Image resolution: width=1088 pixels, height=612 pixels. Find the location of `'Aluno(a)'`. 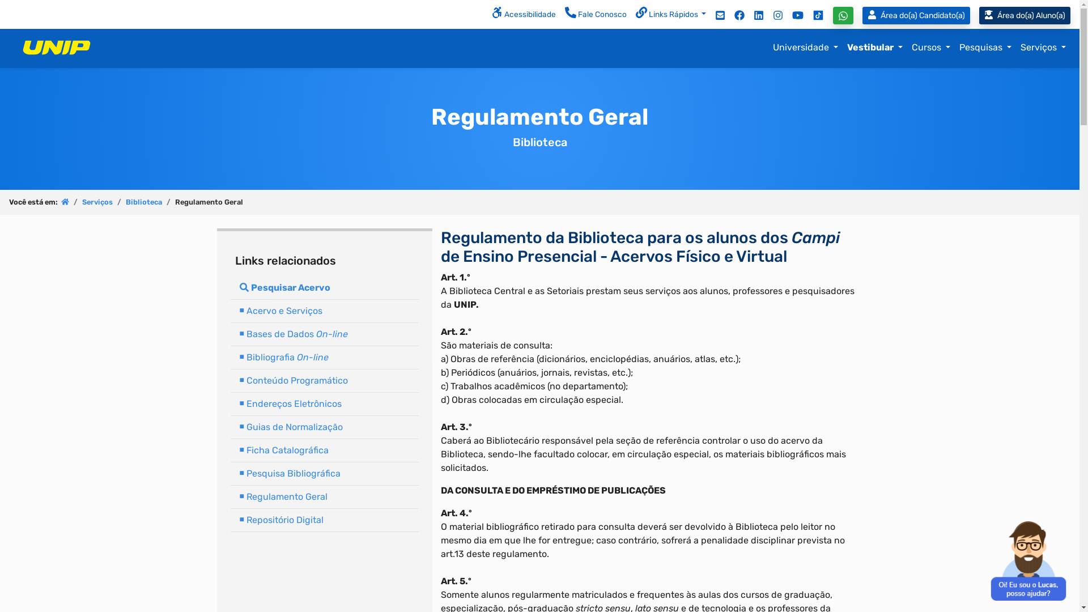

'Aluno(a)' is located at coordinates (1029, 15).